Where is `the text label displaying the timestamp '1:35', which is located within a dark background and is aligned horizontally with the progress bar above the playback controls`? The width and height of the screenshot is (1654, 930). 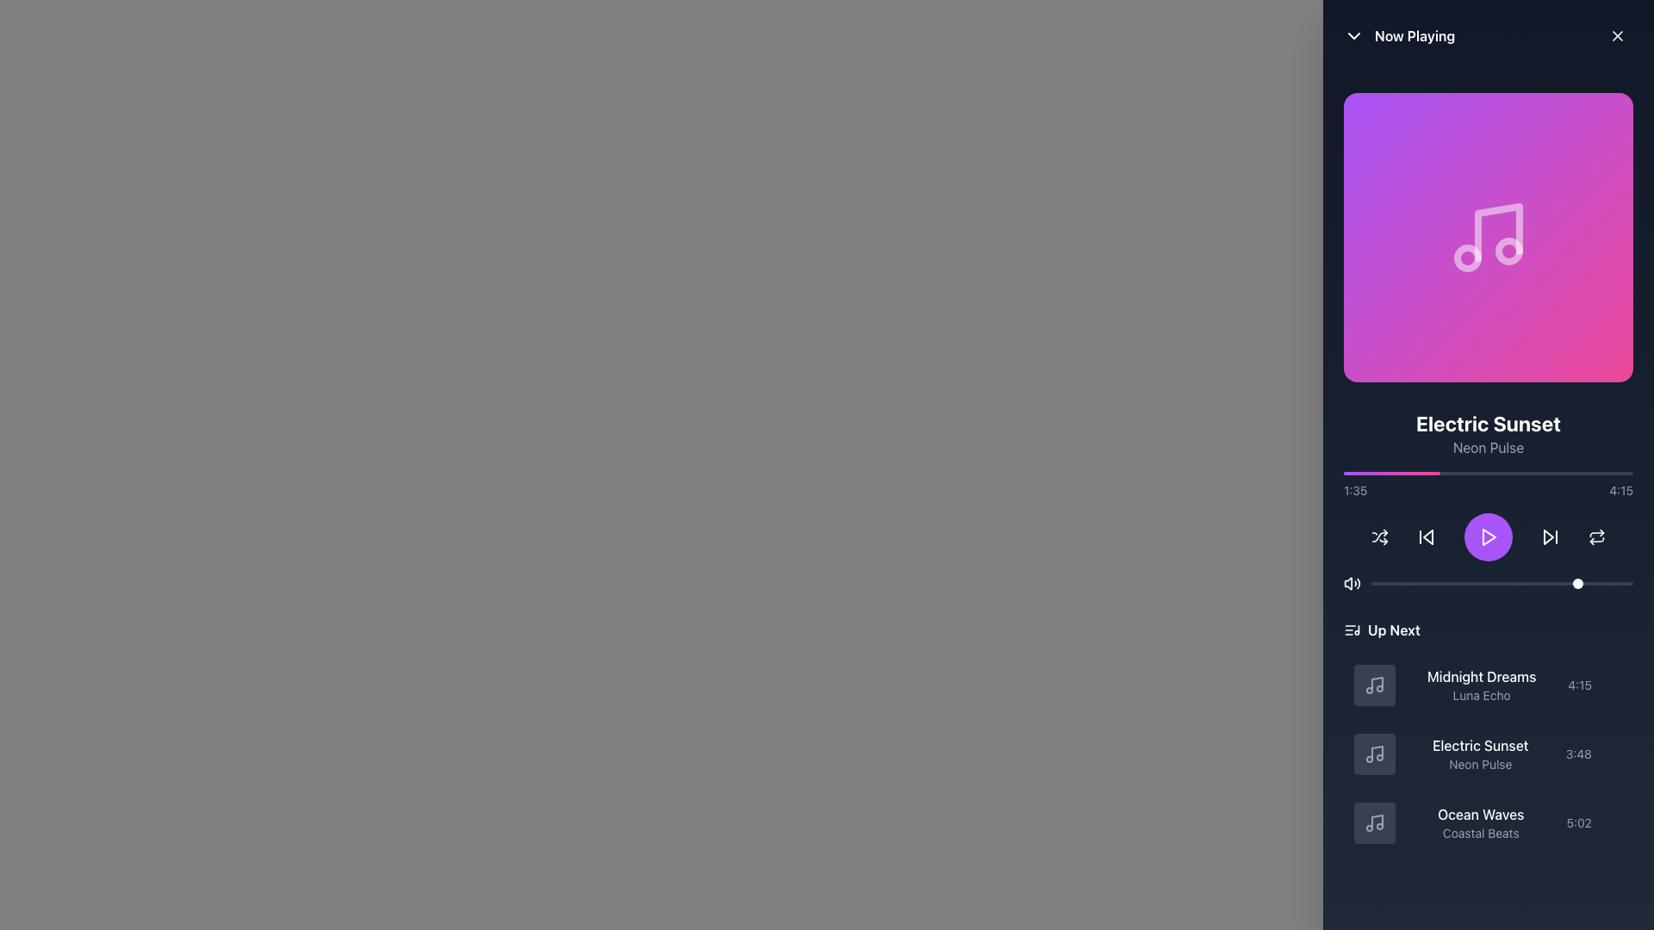 the text label displaying the timestamp '1:35', which is located within a dark background and is aligned horizontally with the progress bar above the playback controls is located at coordinates (1354, 491).